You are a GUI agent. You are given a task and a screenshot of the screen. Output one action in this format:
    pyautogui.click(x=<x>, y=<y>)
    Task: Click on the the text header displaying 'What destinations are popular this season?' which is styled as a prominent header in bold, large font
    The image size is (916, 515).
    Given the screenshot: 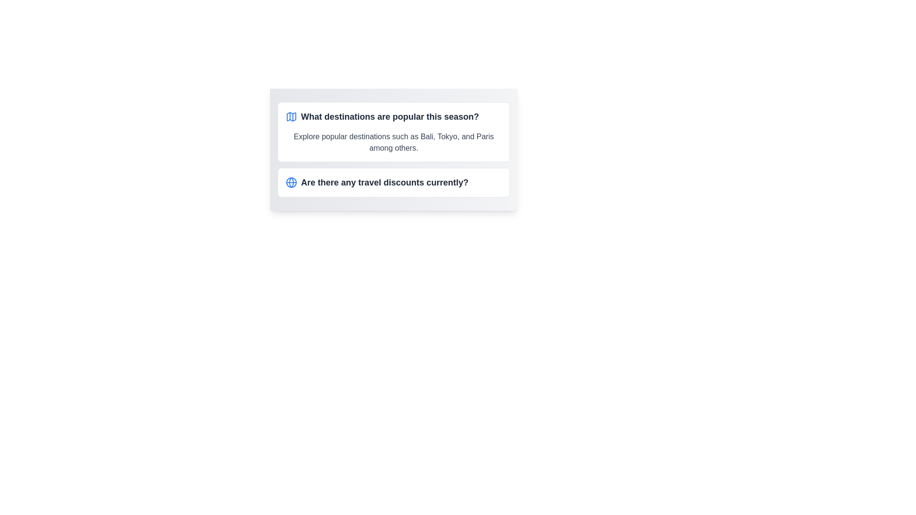 What is the action you would take?
    pyautogui.click(x=390, y=116)
    